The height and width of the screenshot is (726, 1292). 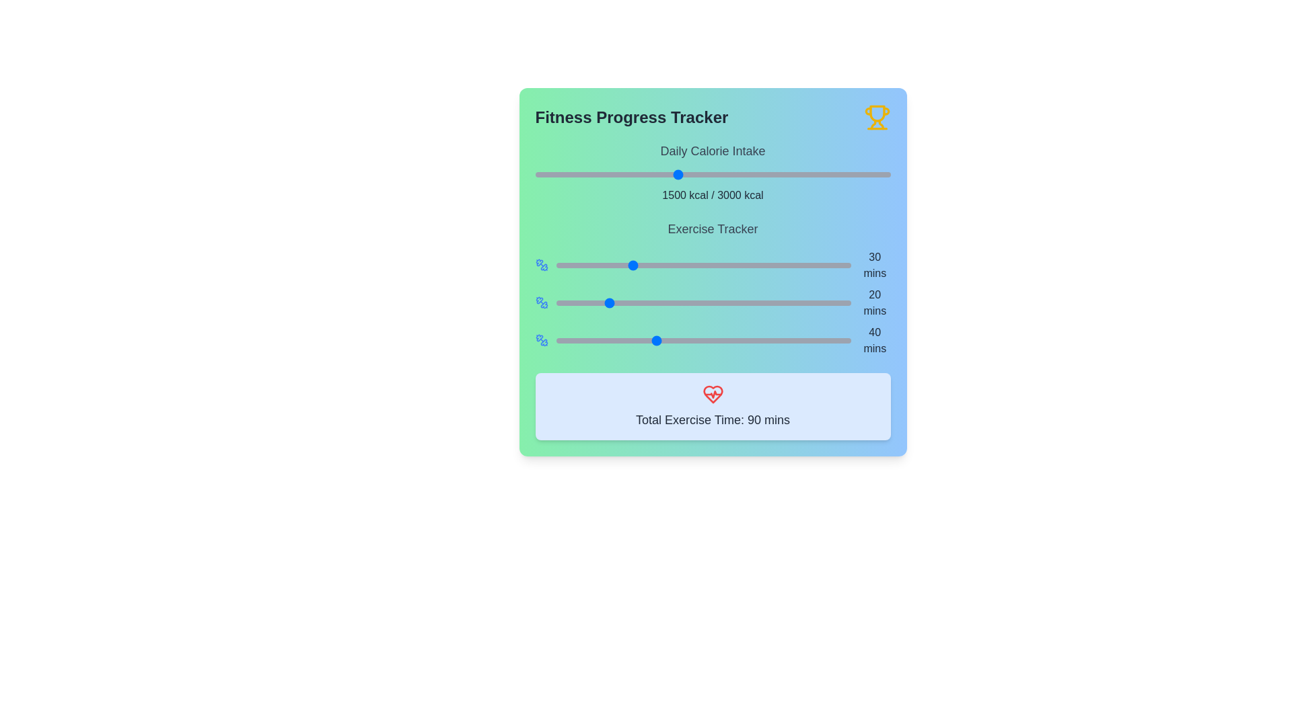 I want to click on the trophy SVG icon in the top-right corner of the card layout, which indicates accomplishments related to fitness tracking, so click(x=877, y=113).